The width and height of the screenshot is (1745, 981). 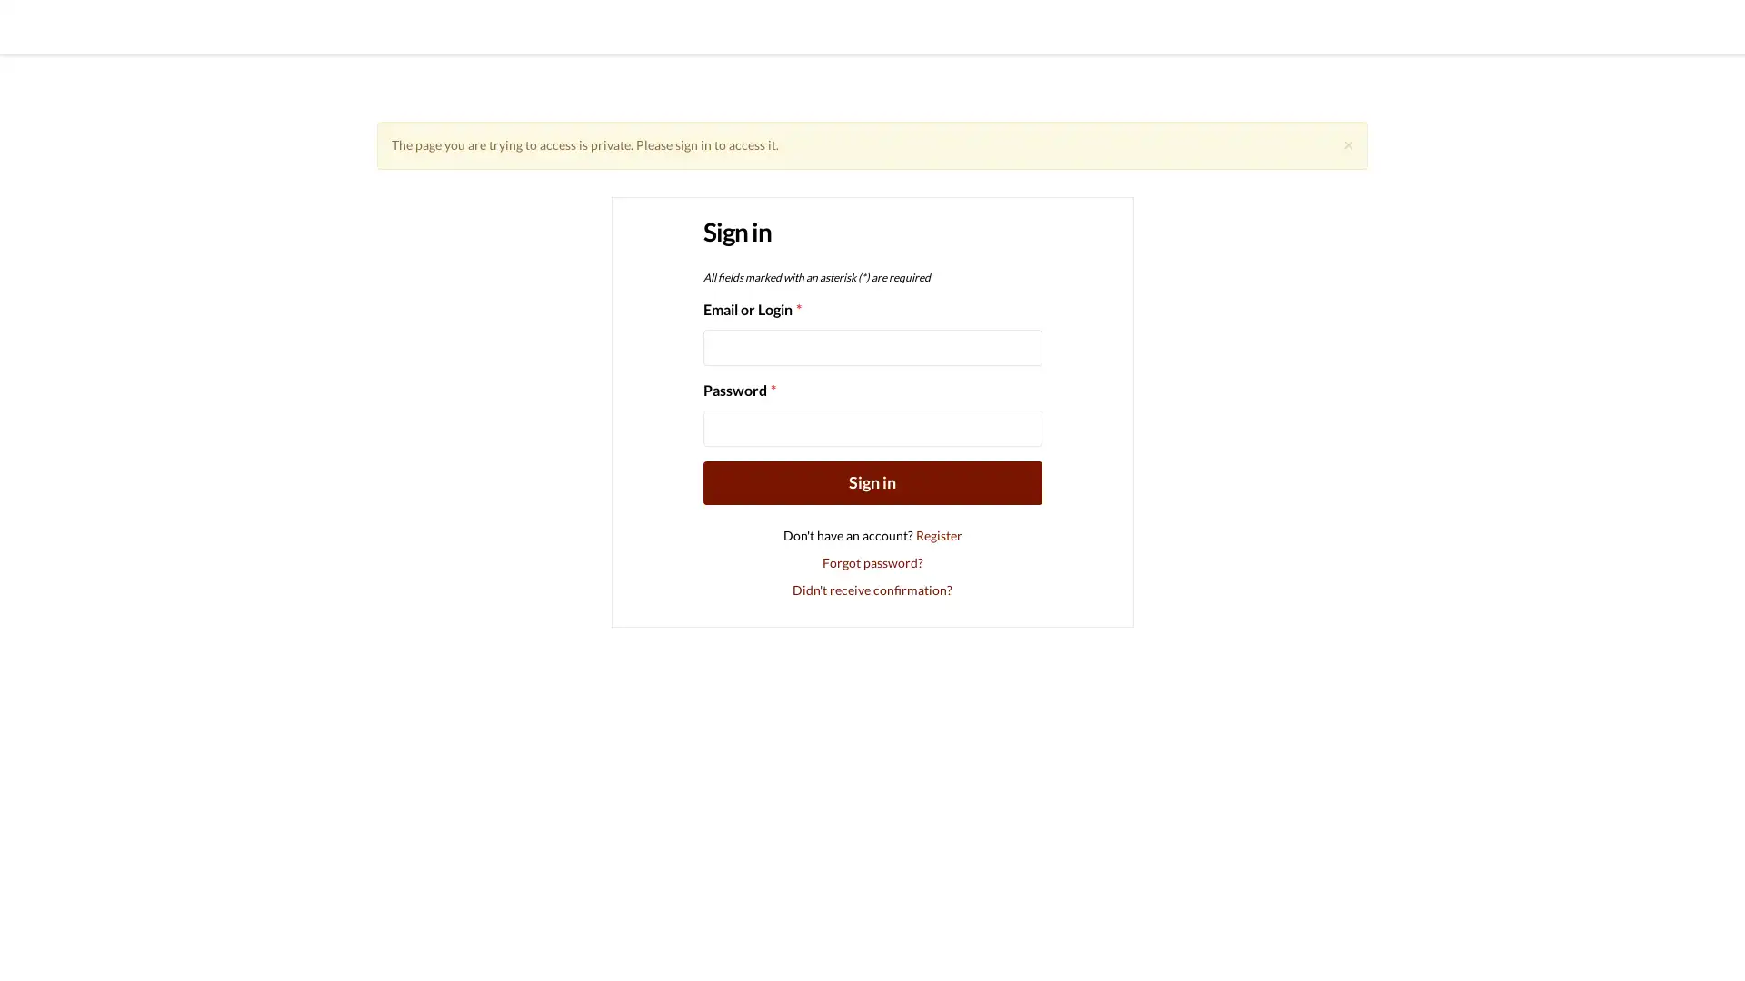 What do you see at coordinates (872, 589) in the screenshot?
I see `Didn't receive confirmation?` at bounding box center [872, 589].